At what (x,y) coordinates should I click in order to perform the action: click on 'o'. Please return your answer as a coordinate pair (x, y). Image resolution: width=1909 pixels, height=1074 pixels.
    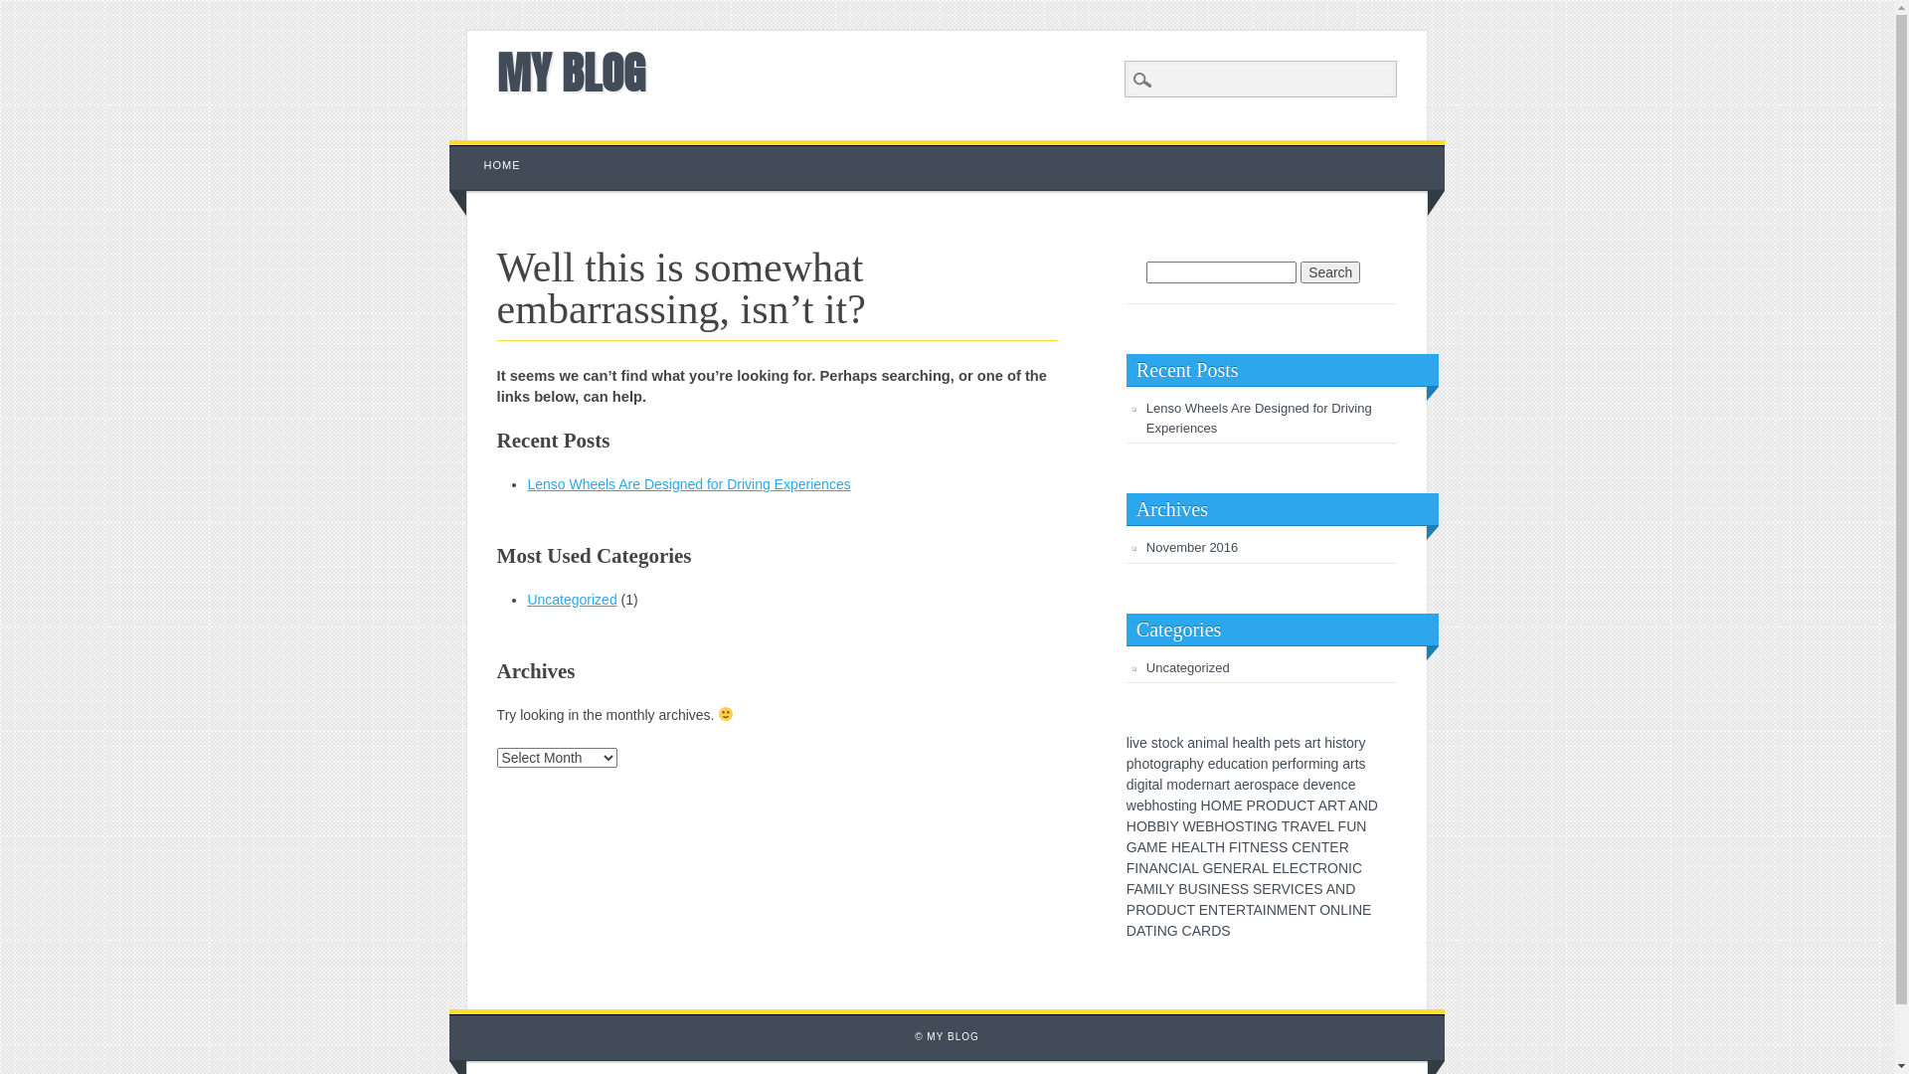
    Looking at the image, I should click on (1255, 762).